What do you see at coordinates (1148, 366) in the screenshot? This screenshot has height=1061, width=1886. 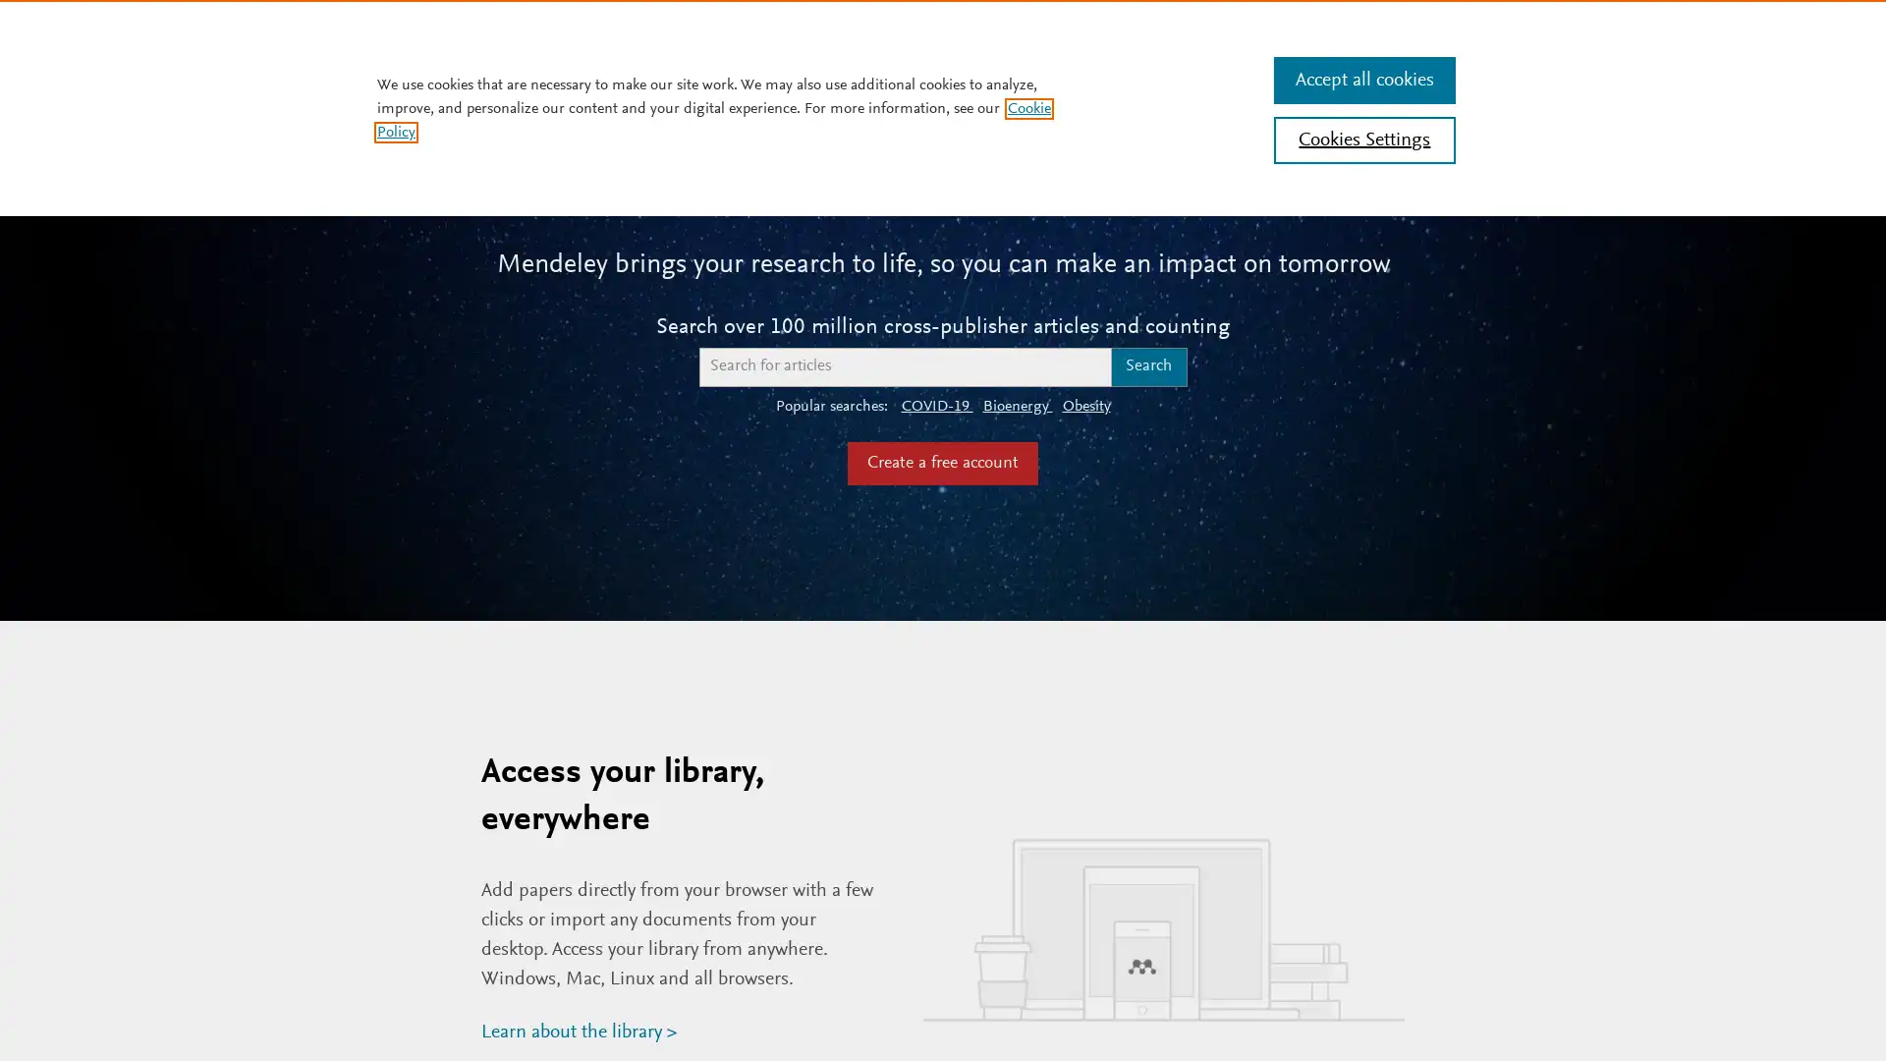 I see `Search` at bounding box center [1148, 366].